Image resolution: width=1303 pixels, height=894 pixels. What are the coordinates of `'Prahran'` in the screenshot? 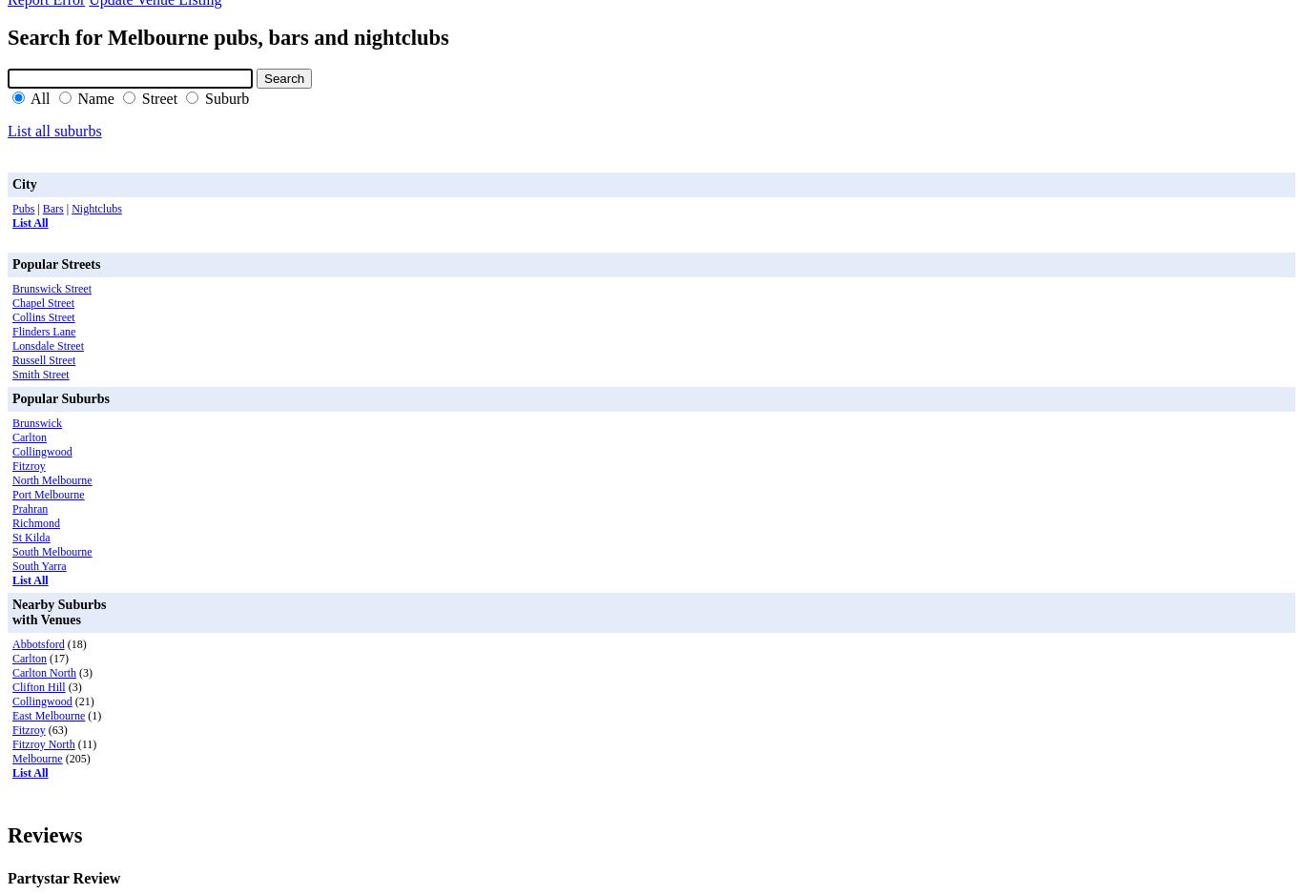 It's located at (30, 506).